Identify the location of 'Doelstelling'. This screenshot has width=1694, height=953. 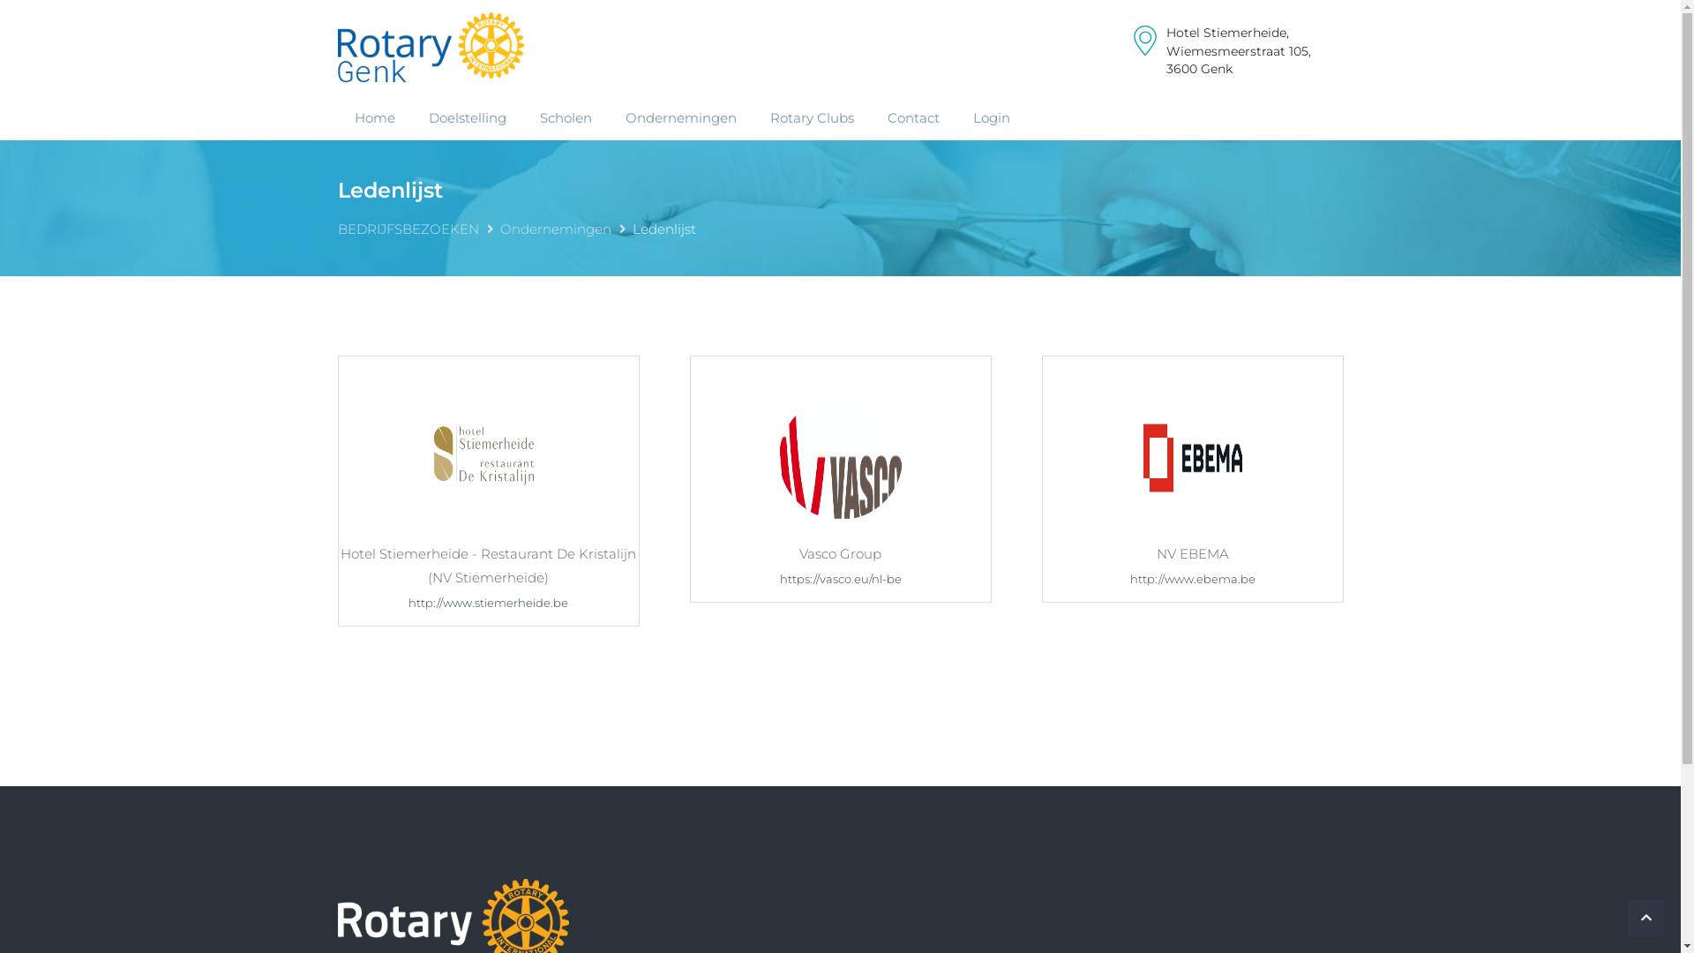
(466, 117).